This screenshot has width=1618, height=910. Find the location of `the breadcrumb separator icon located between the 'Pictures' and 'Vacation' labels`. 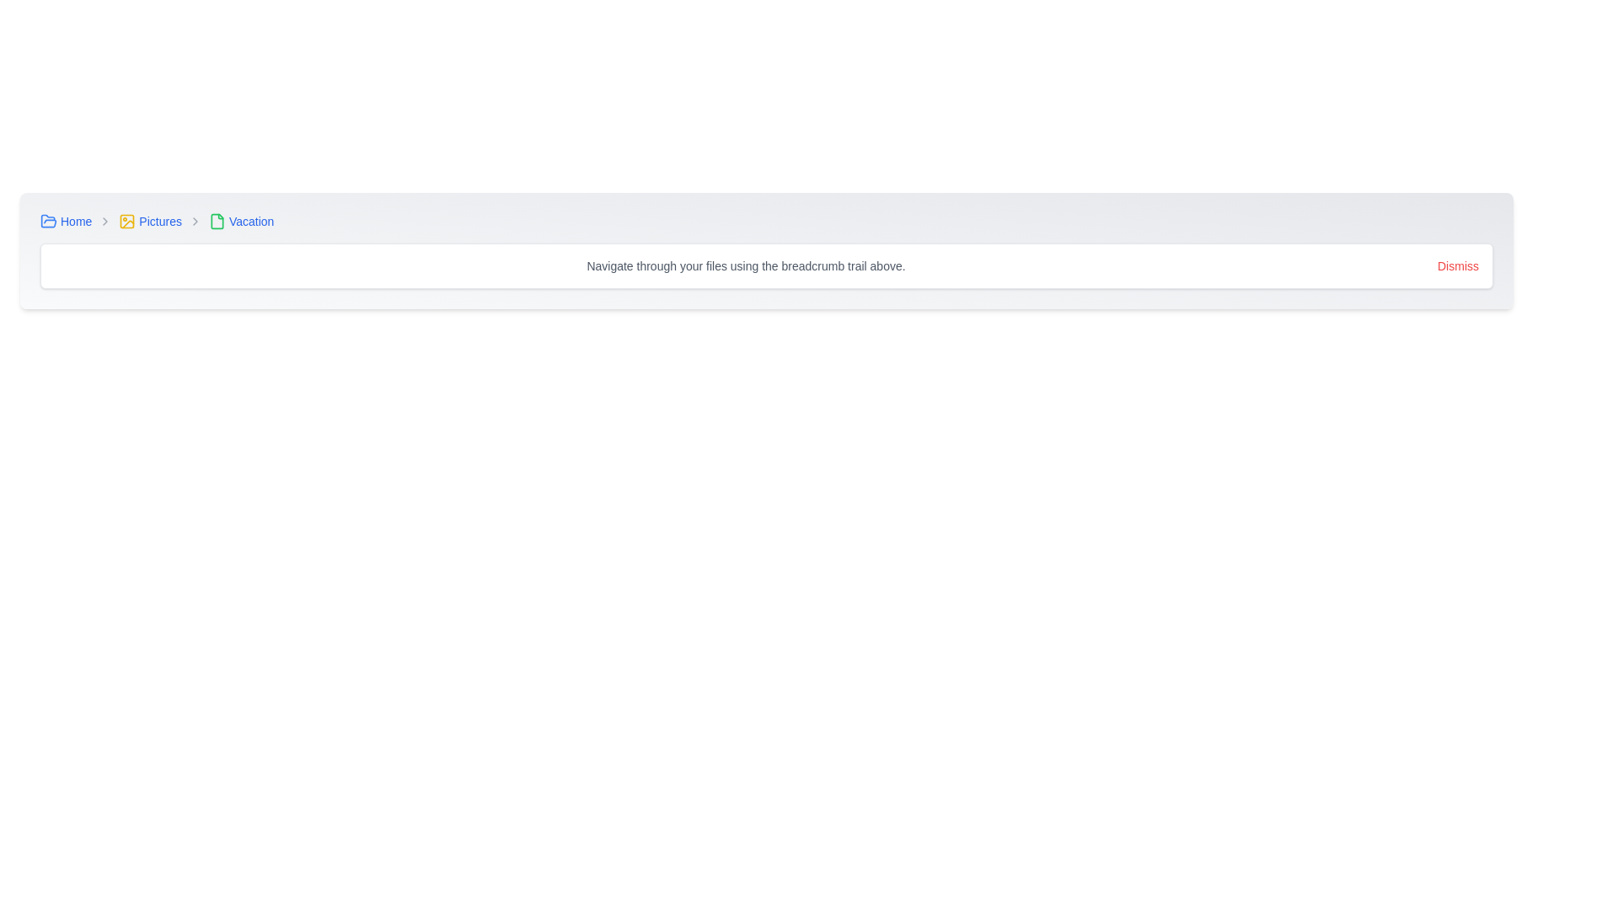

the breadcrumb separator icon located between the 'Pictures' and 'Vacation' labels is located at coordinates (195, 220).